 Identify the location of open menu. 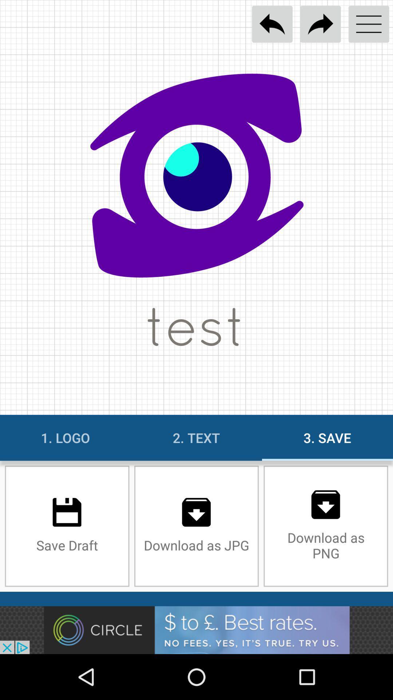
(369, 24).